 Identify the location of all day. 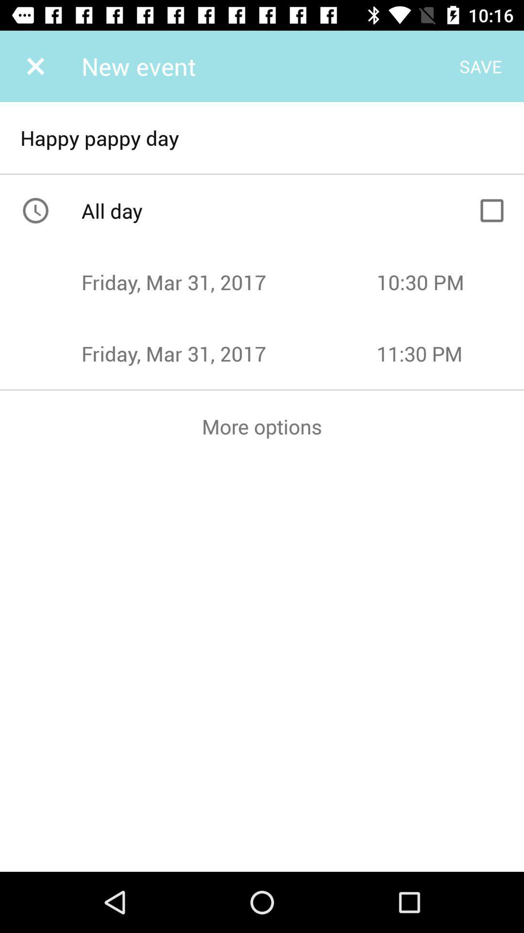
(492, 210).